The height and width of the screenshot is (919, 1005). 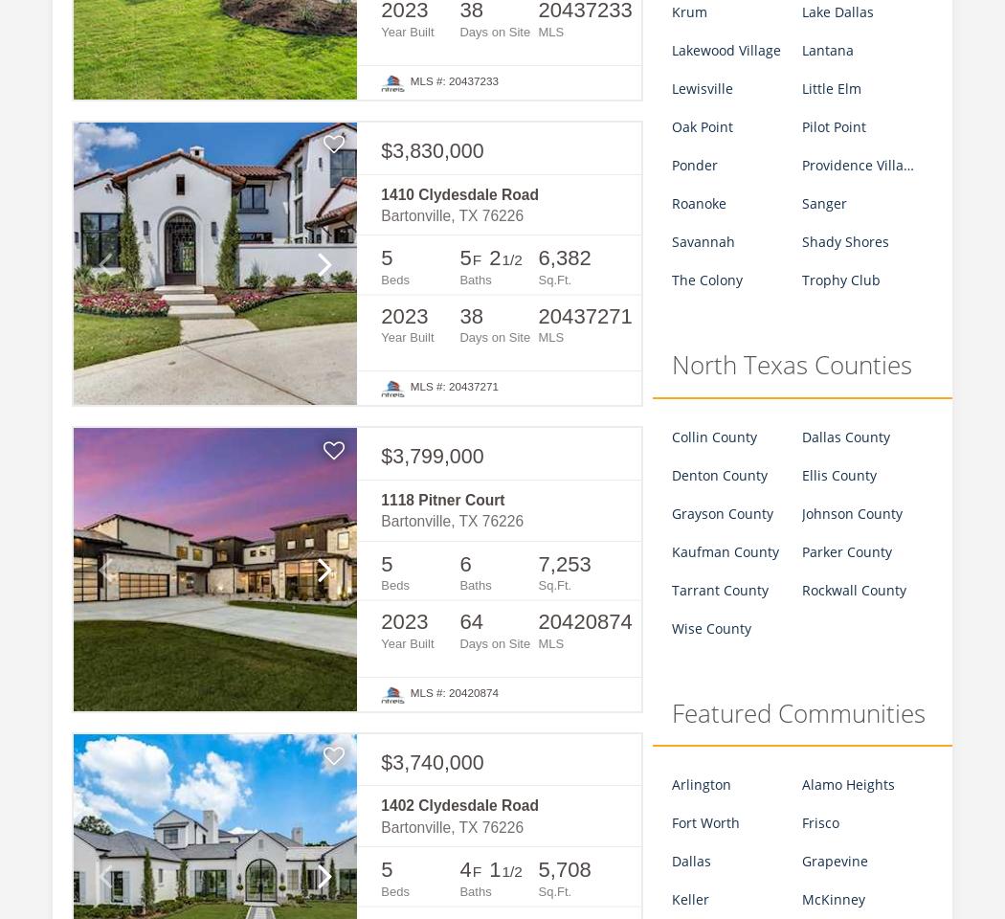 What do you see at coordinates (839, 279) in the screenshot?
I see `'Trophy Club'` at bounding box center [839, 279].